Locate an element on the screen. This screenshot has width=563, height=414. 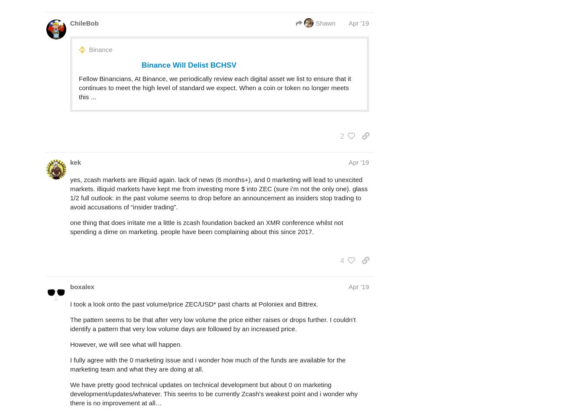
'I took a look onto the past volume/price ZEC/USD* past charts at Poloniex and Bittrex.' is located at coordinates (193, 303).